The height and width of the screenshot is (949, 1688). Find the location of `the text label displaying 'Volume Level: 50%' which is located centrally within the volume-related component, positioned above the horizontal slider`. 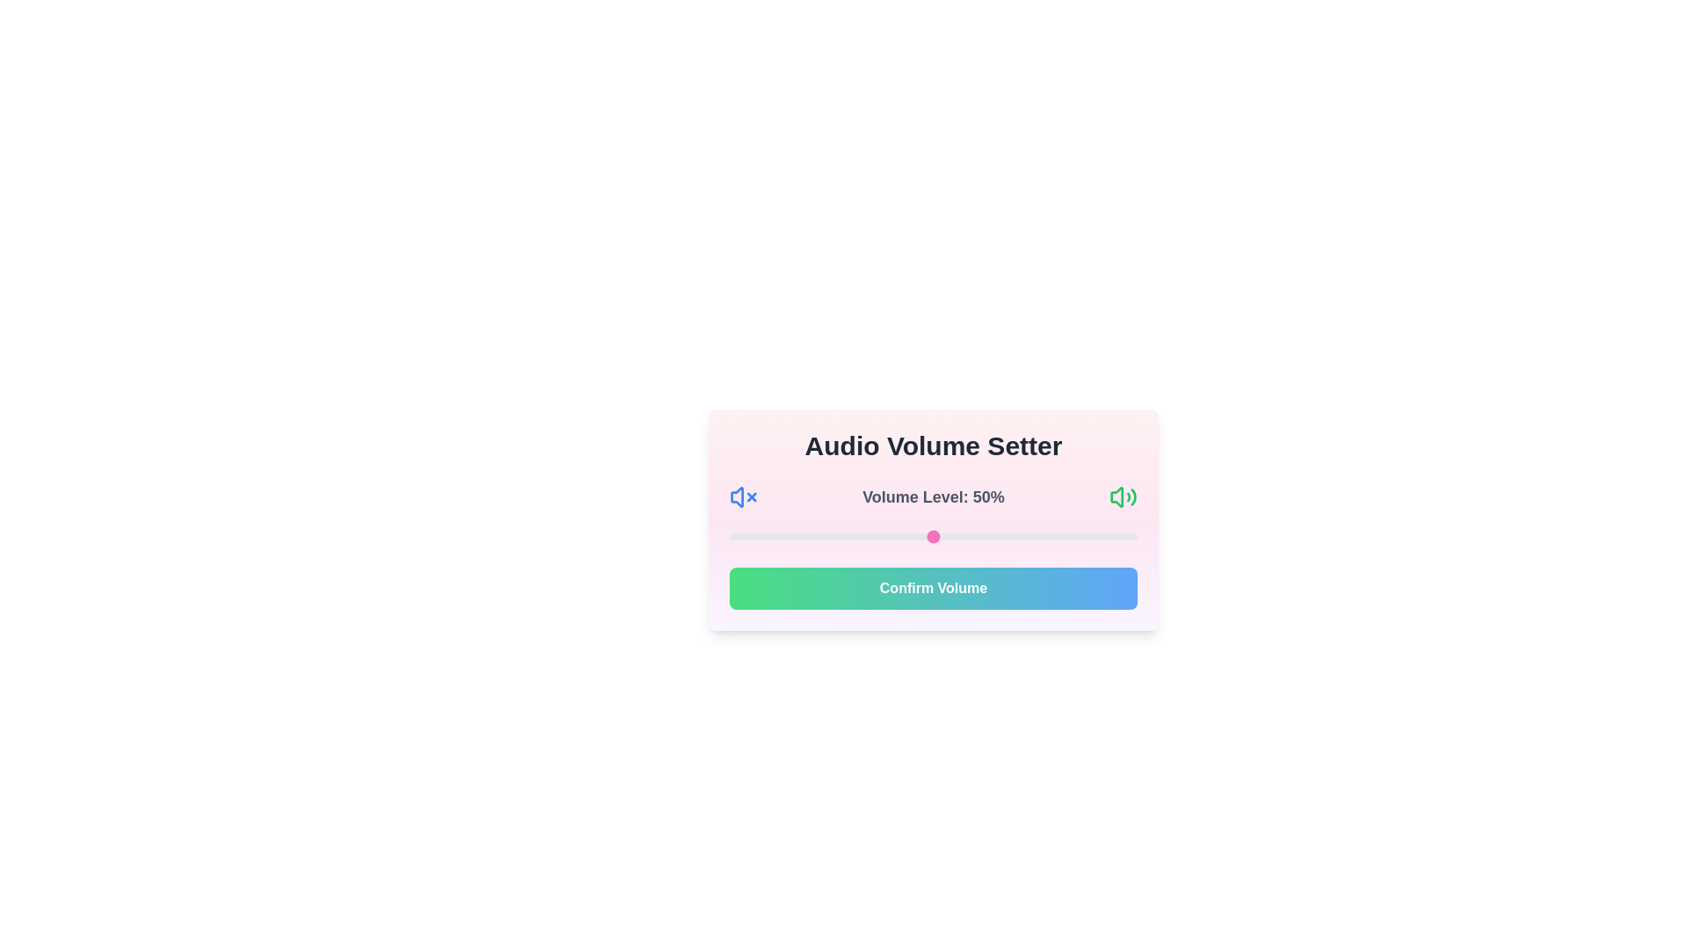

the text label displaying 'Volume Level: 50%' which is located centrally within the volume-related component, positioned above the horizontal slider is located at coordinates (932, 497).